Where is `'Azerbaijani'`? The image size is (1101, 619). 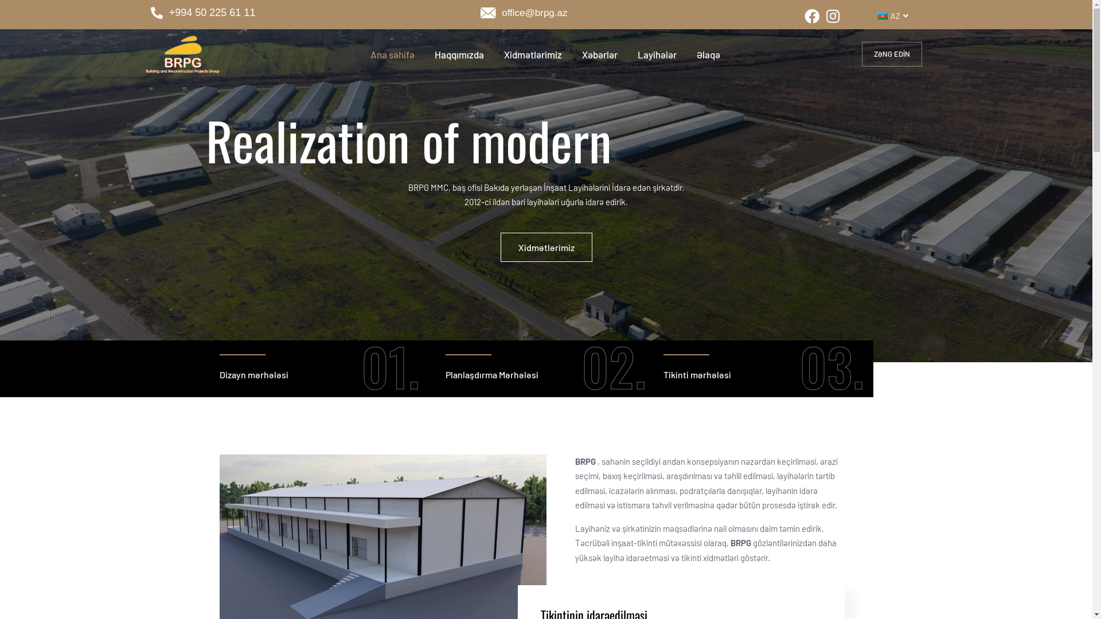 'Azerbaijani' is located at coordinates (877, 15).